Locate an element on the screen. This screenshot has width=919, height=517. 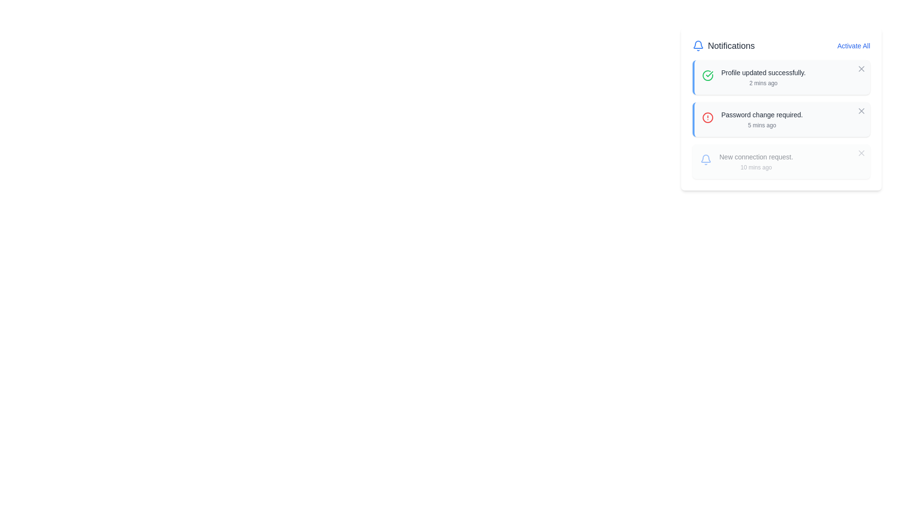
the close button located inside the bell-shaped notification panel next to the 'Password change required' notification is located at coordinates (862, 110).